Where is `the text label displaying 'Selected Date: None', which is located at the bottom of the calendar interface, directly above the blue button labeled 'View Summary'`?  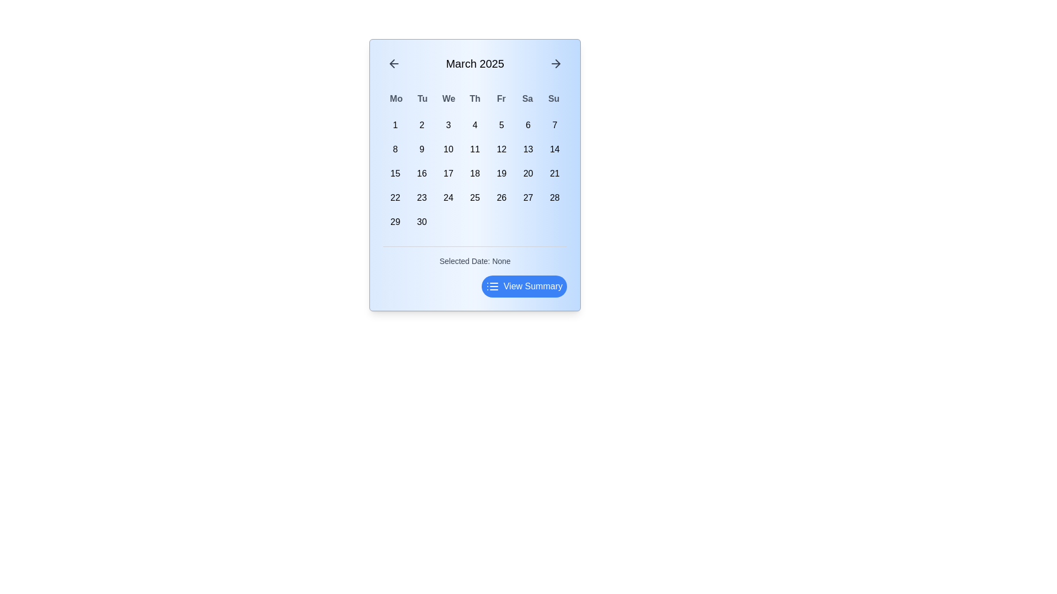
the text label displaying 'Selected Date: None', which is located at the bottom of the calendar interface, directly above the blue button labeled 'View Summary' is located at coordinates (475, 261).